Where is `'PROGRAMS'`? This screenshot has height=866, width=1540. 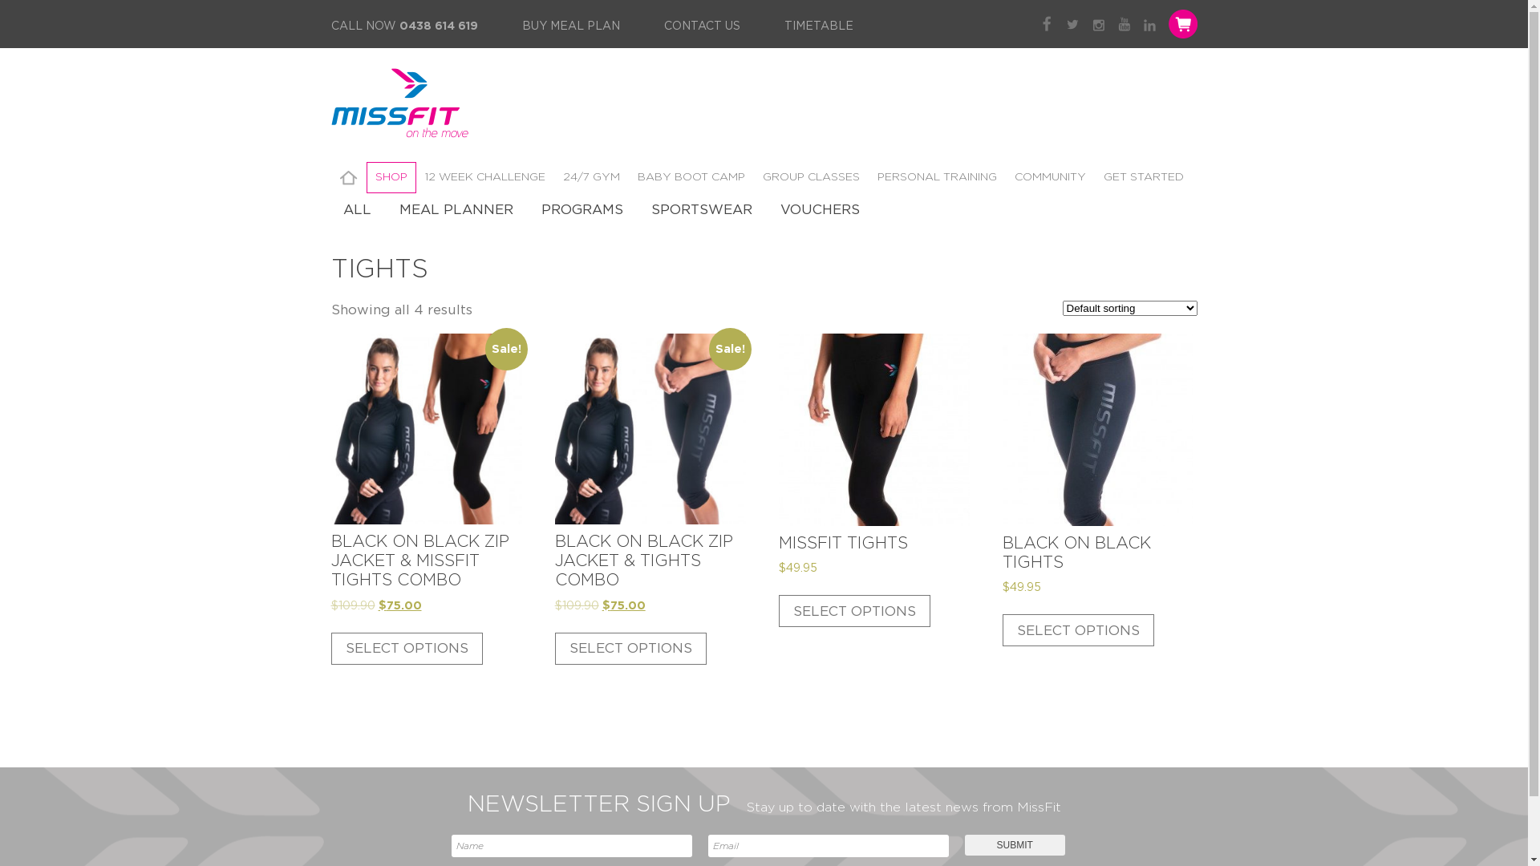
'PROGRAMS' is located at coordinates (581, 208).